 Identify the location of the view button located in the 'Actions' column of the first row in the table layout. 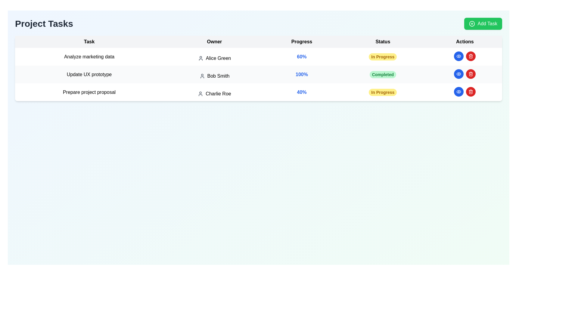
(458, 56).